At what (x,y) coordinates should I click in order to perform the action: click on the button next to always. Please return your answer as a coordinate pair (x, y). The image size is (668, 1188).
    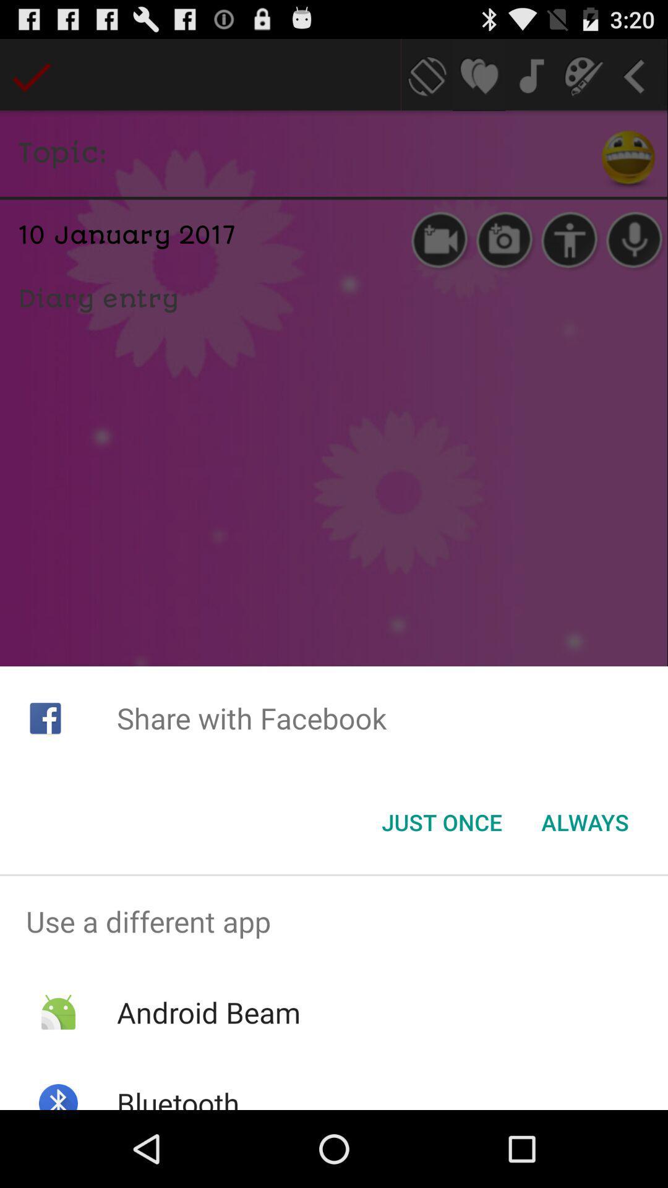
    Looking at the image, I should click on (441, 822).